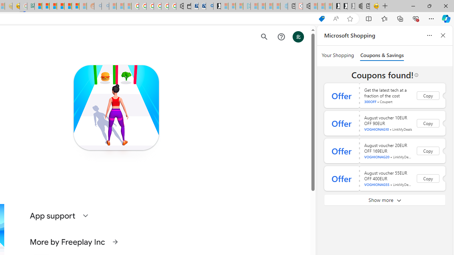 The width and height of the screenshot is (454, 255). What do you see at coordinates (60, 6) in the screenshot?
I see `'Expert Portfolios'` at bounding box center [60, 6].